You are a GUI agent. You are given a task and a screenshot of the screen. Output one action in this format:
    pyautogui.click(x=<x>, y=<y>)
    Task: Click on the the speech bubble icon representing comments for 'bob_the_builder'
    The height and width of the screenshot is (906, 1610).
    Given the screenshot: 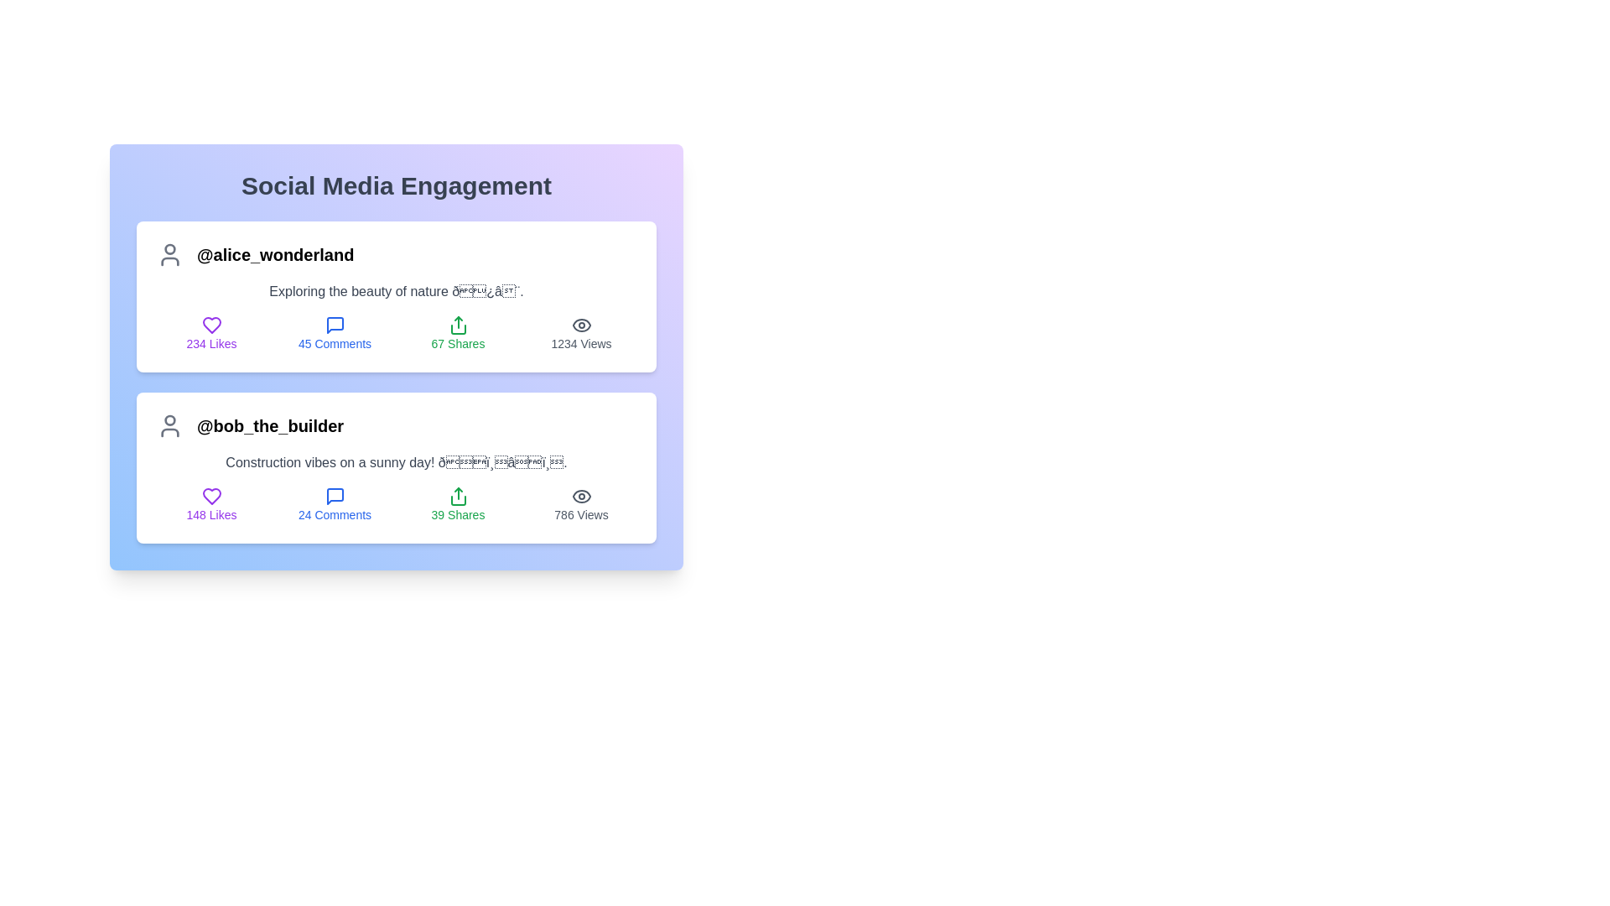 What is the action you would take?
    pyautogui.click(x=335, y=495)
    